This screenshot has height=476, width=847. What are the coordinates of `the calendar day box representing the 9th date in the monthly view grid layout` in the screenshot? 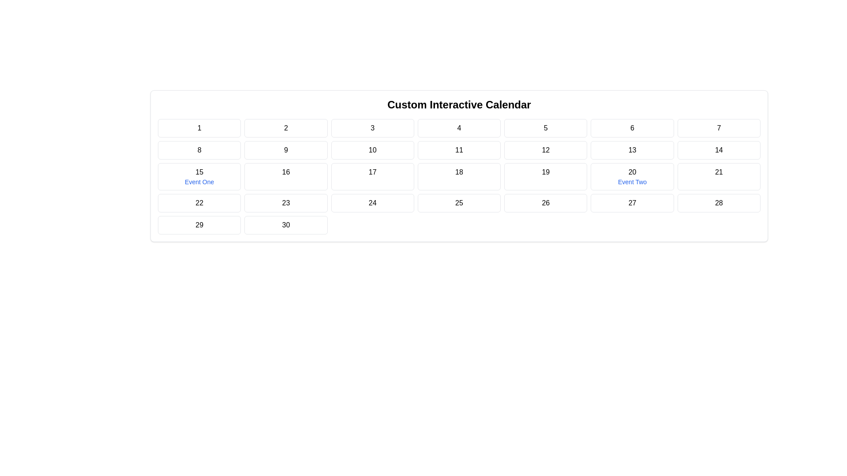 It's located at (286, 149).